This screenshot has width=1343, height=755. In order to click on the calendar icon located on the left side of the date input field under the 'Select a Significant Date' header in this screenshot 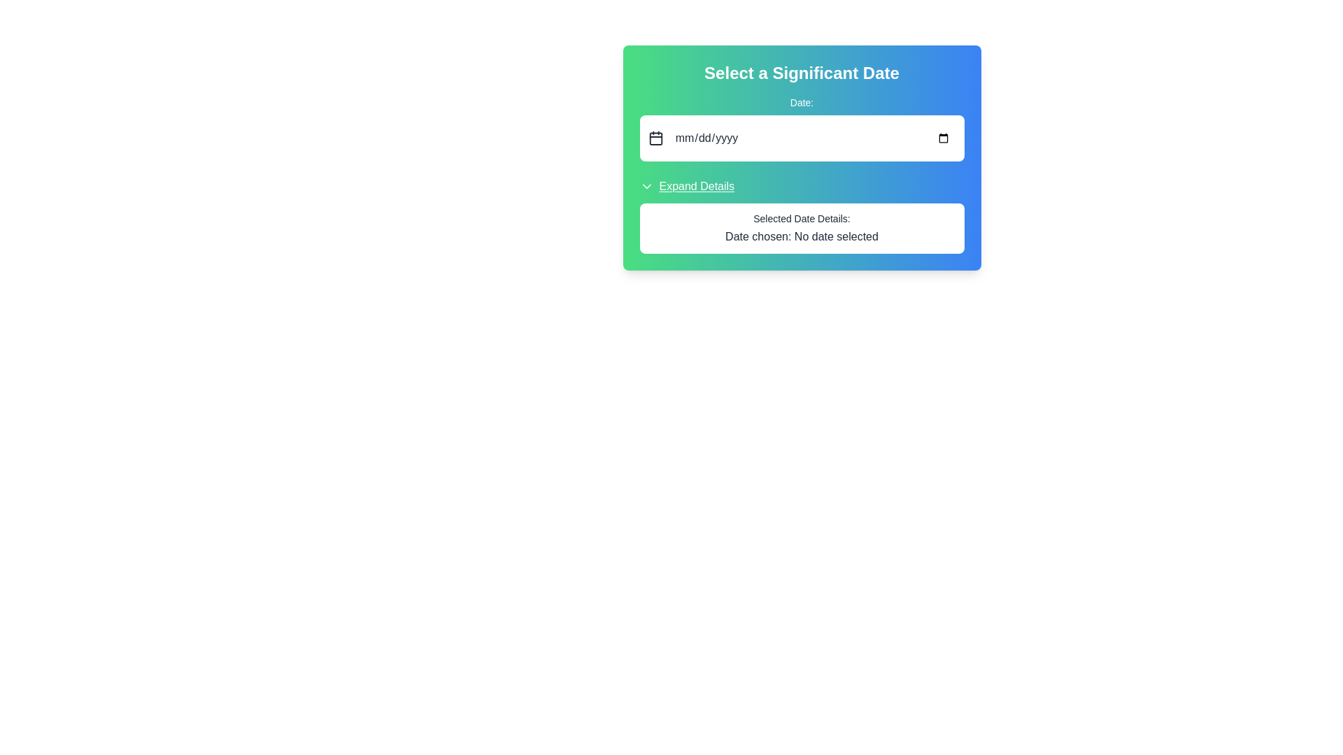, I will do `click(655, 138)`.